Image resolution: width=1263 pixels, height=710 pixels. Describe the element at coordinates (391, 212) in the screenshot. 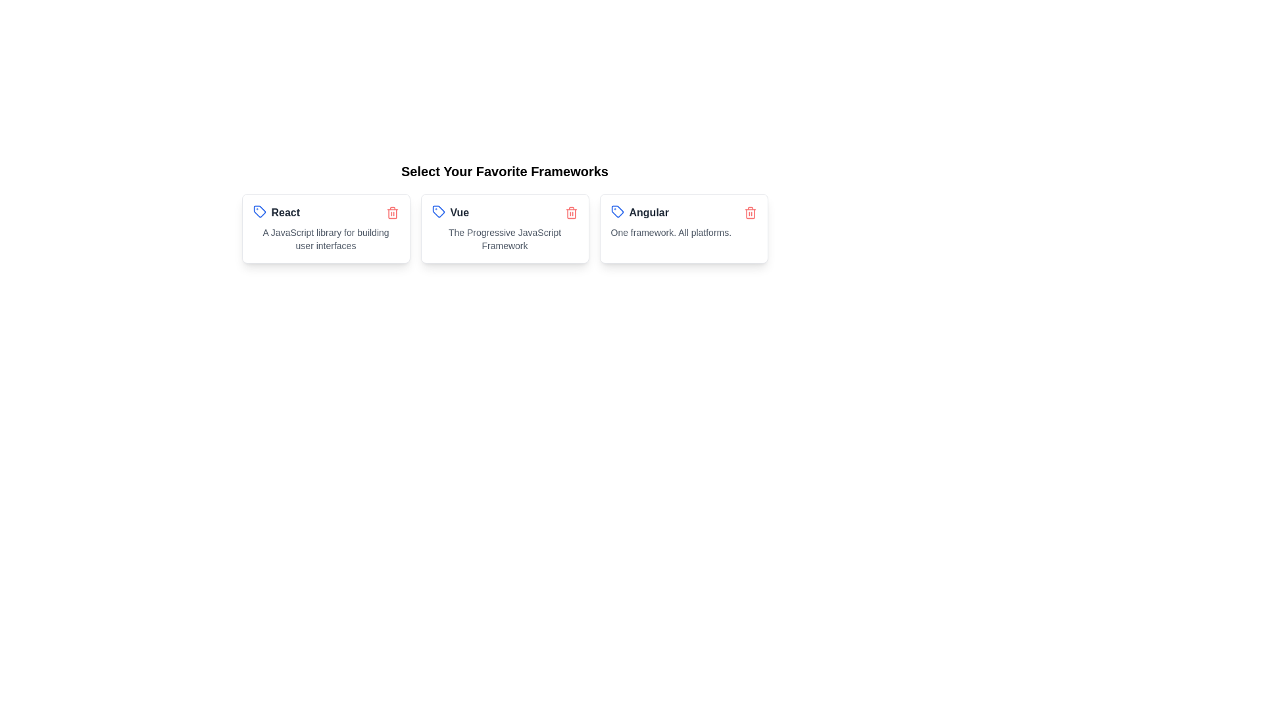

I see `the delete icon of the chip labeled React to remove it` at that location.